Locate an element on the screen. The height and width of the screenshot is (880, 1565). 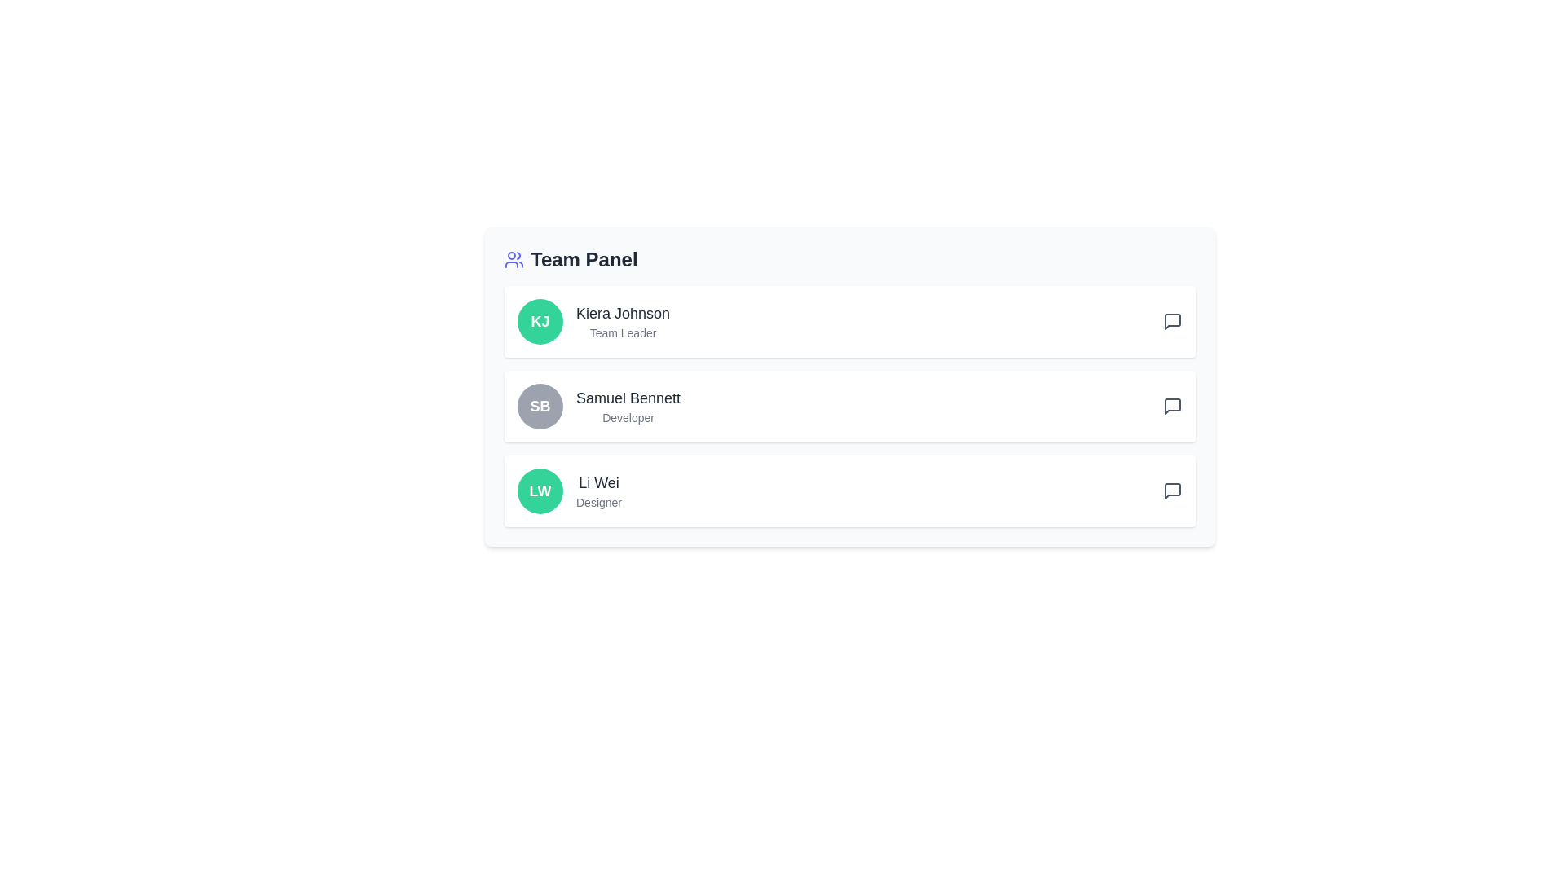
the text label that describes the role of 'Samuel Bennett' located beneath his name in the Team Panel is located at coordinates (628, 417).